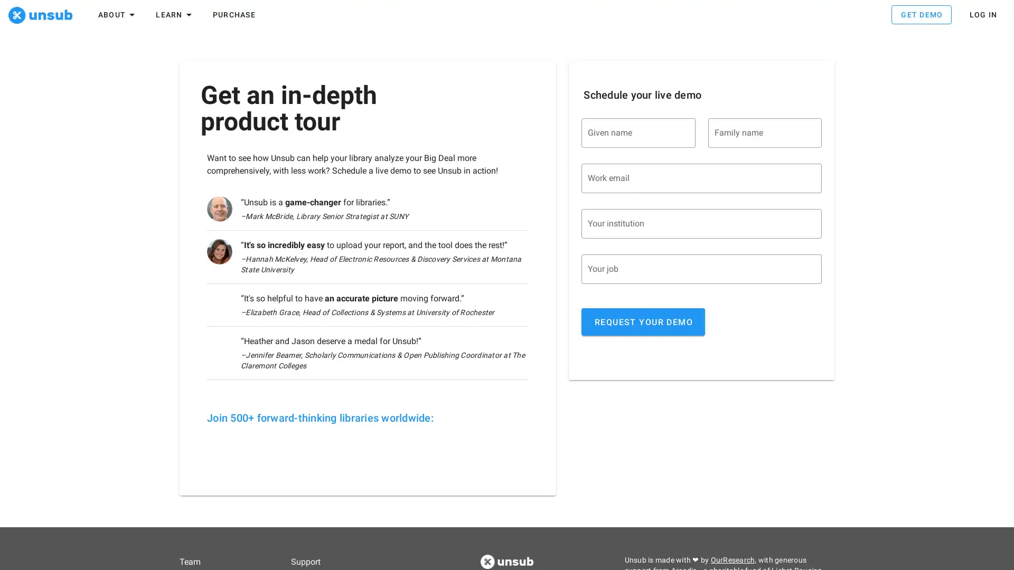 This screenshot has height=570, width=1014. I want to click on REQUEST YOUR DEMO, so click(643, 325).